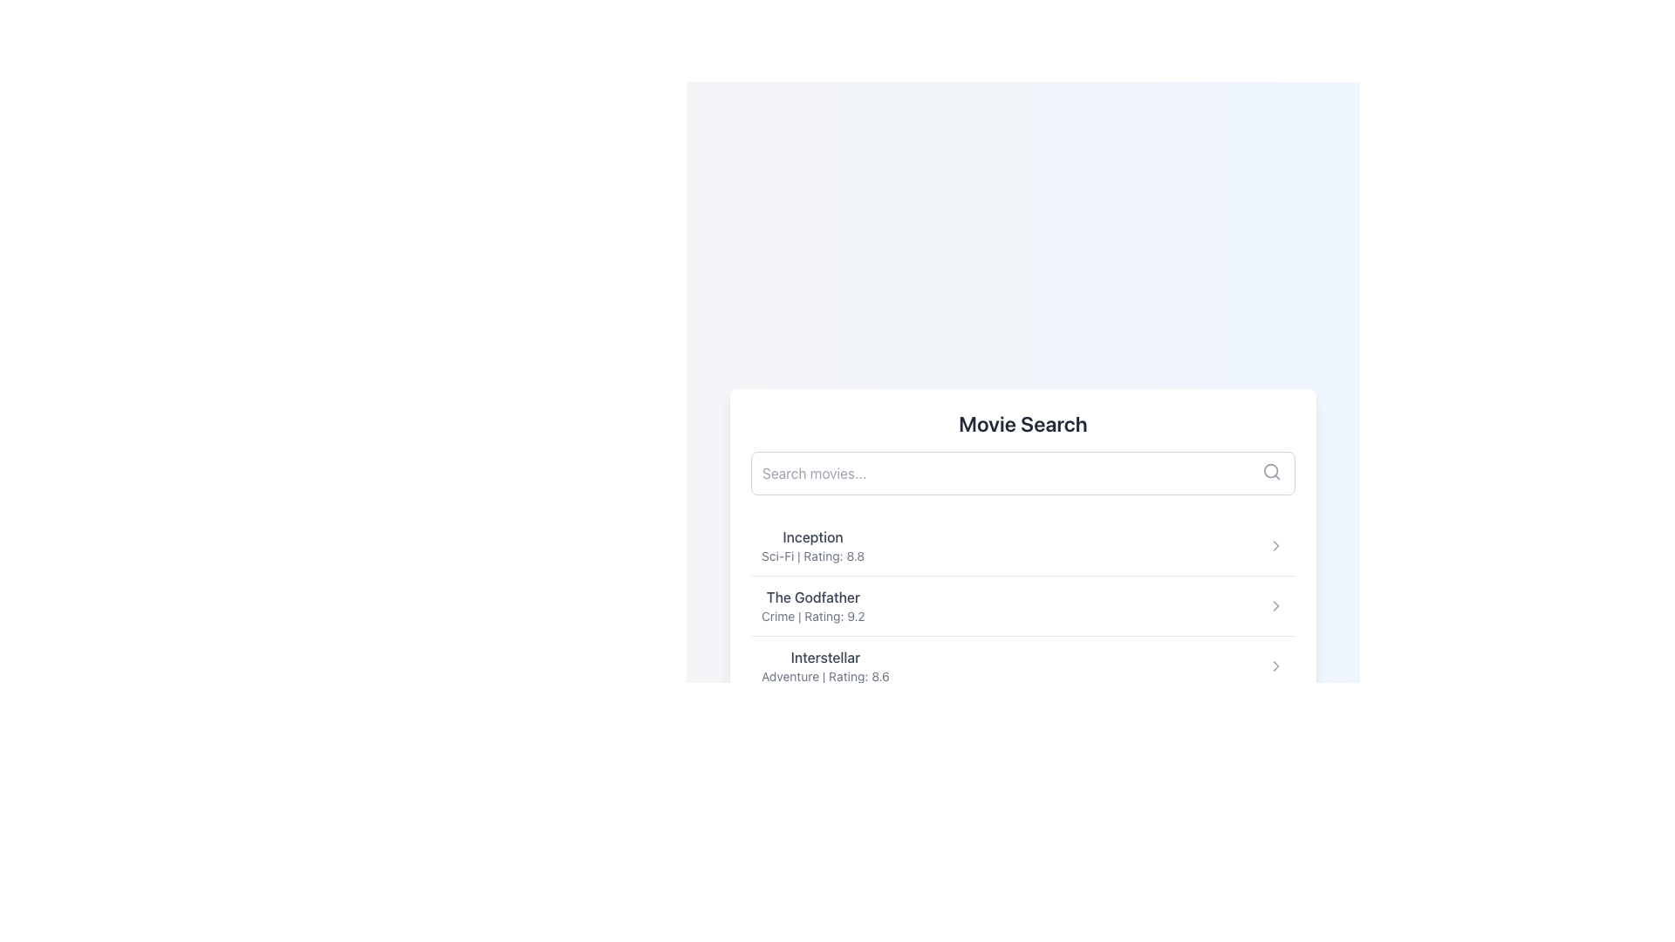  What do you see at coordinates (812, 615) in the screenshot?
I see `static text label providing additional information about the movie 'The Godfather', which indicates its genre ('Crime') and rating (9.2). This label is located directly below the title and aligns horizontally with it` at bounding box center [812, 615].